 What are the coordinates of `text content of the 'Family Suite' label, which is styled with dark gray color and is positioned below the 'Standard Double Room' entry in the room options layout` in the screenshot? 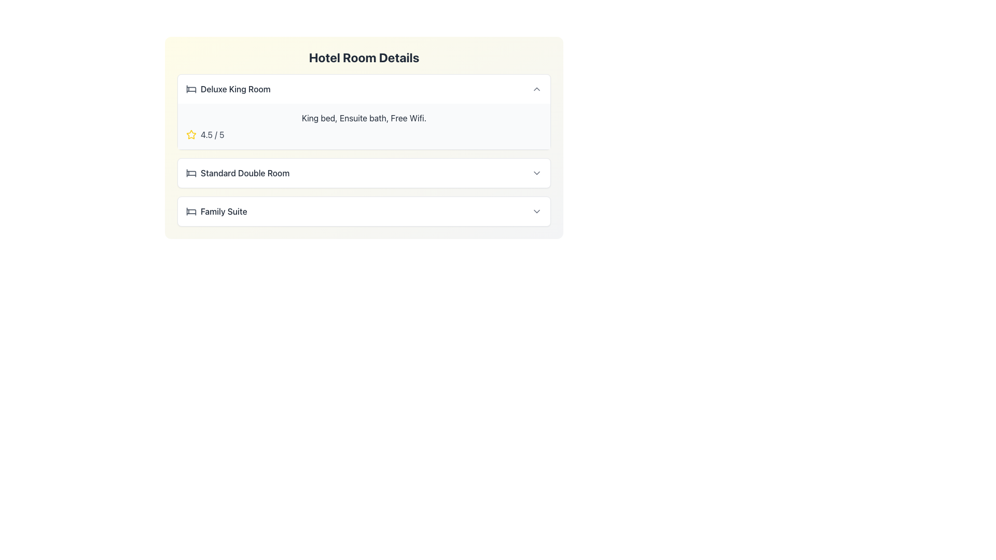 It's located at (223, 211).